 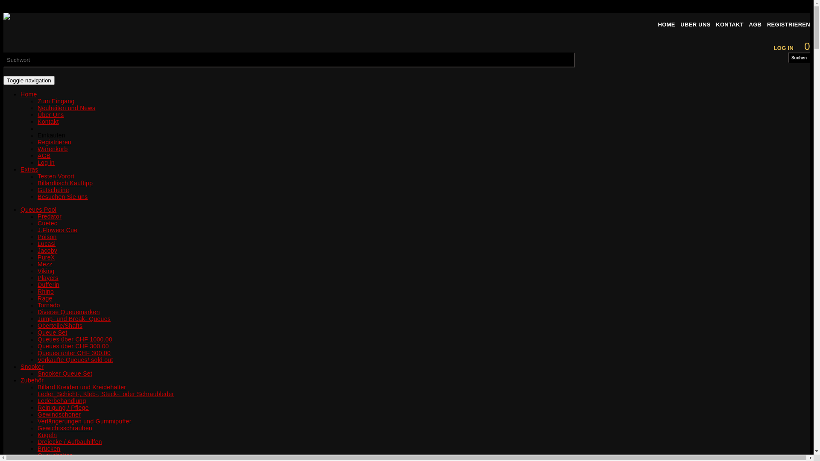 What do you see at coordinates (729, 24) in the screenshot?
I see `'KONTAKT'` at bounding box center [729, 24].